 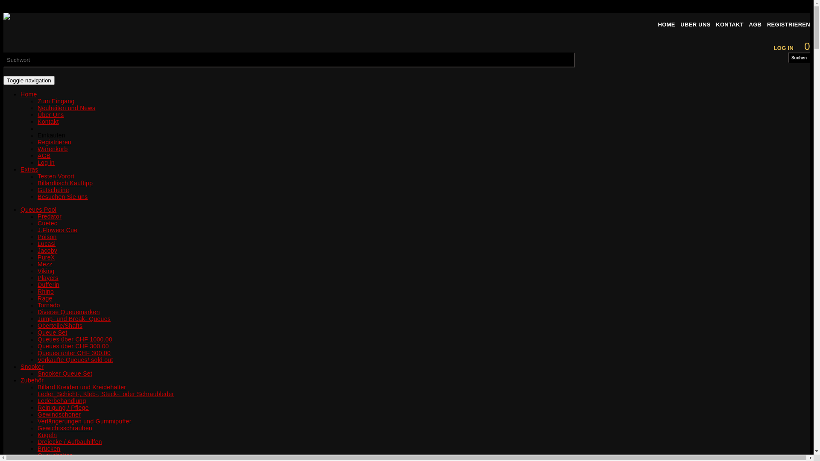 What do you see at coordinates (729, 24) in the screenshot?
I see `'KONTAKT'` at bounding box center [729, 24].